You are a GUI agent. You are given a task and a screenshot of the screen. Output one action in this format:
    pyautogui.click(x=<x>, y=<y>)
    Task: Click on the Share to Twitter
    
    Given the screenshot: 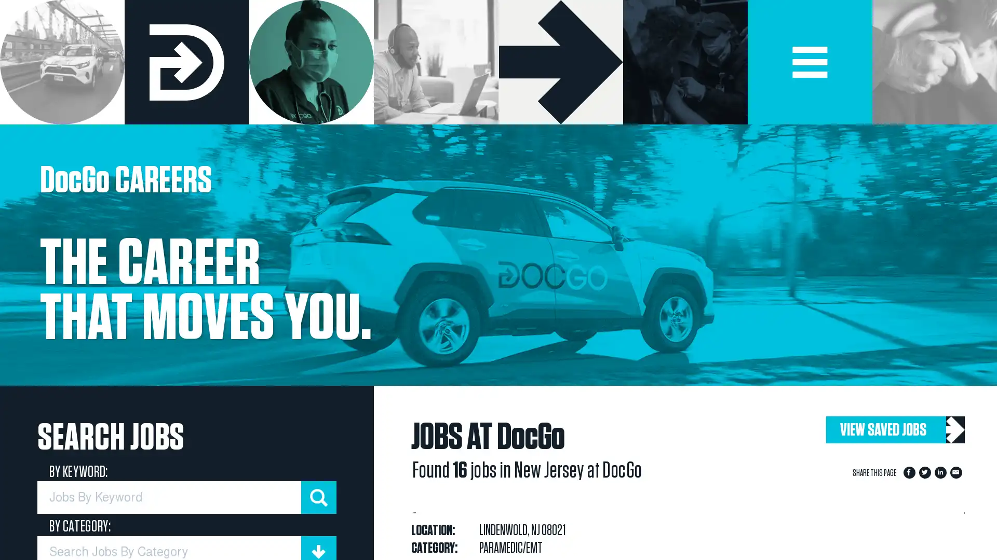 What is the action you would take?
    pyautogui.click(x=929, y=472)
    